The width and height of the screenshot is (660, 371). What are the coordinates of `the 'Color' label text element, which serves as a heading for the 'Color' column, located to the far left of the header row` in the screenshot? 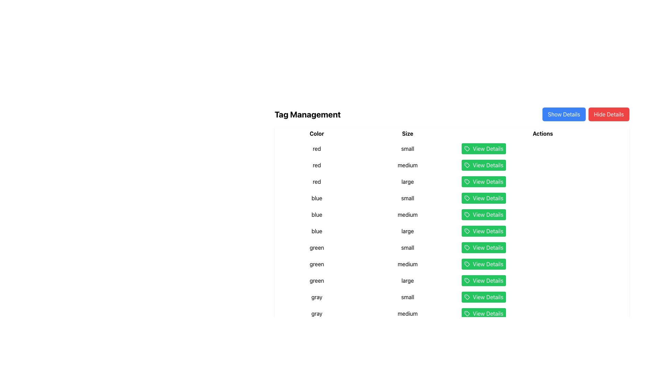 It's located at (316, 134).